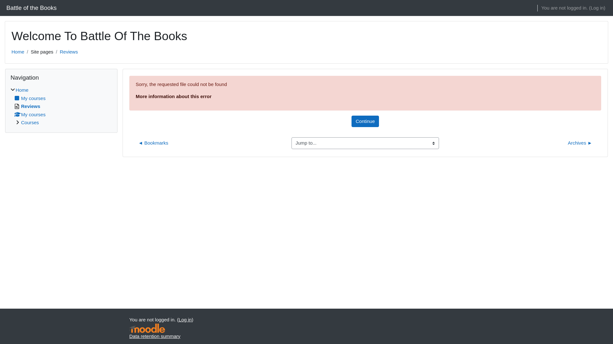  Describe the element at coordinates (30, 122) in the screenshot. I see `'Courses'` at that location.